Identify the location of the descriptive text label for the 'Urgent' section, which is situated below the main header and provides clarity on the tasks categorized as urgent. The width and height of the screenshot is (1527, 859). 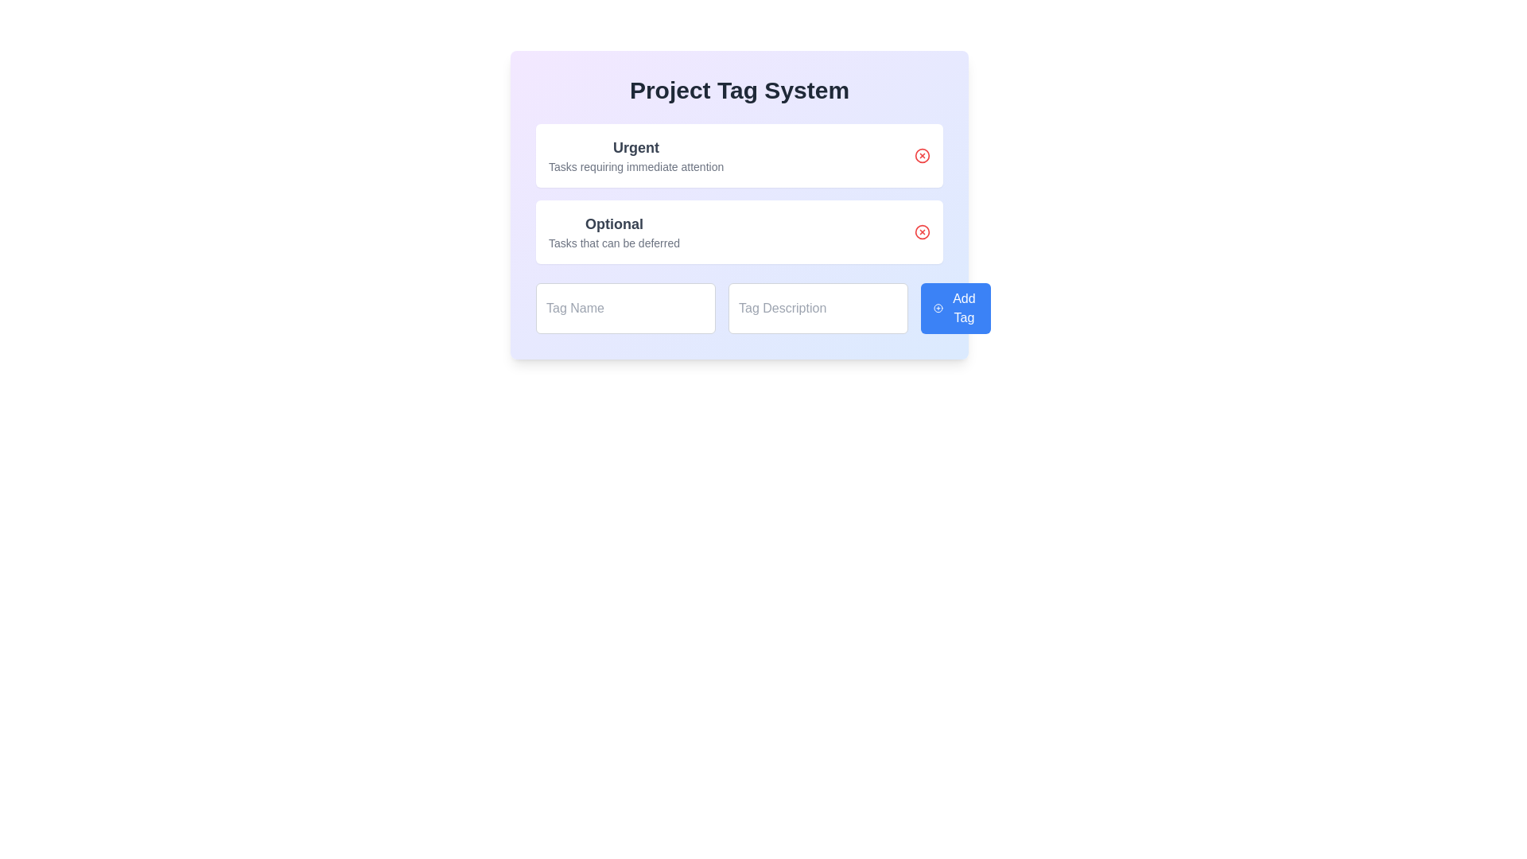
(636, 166).